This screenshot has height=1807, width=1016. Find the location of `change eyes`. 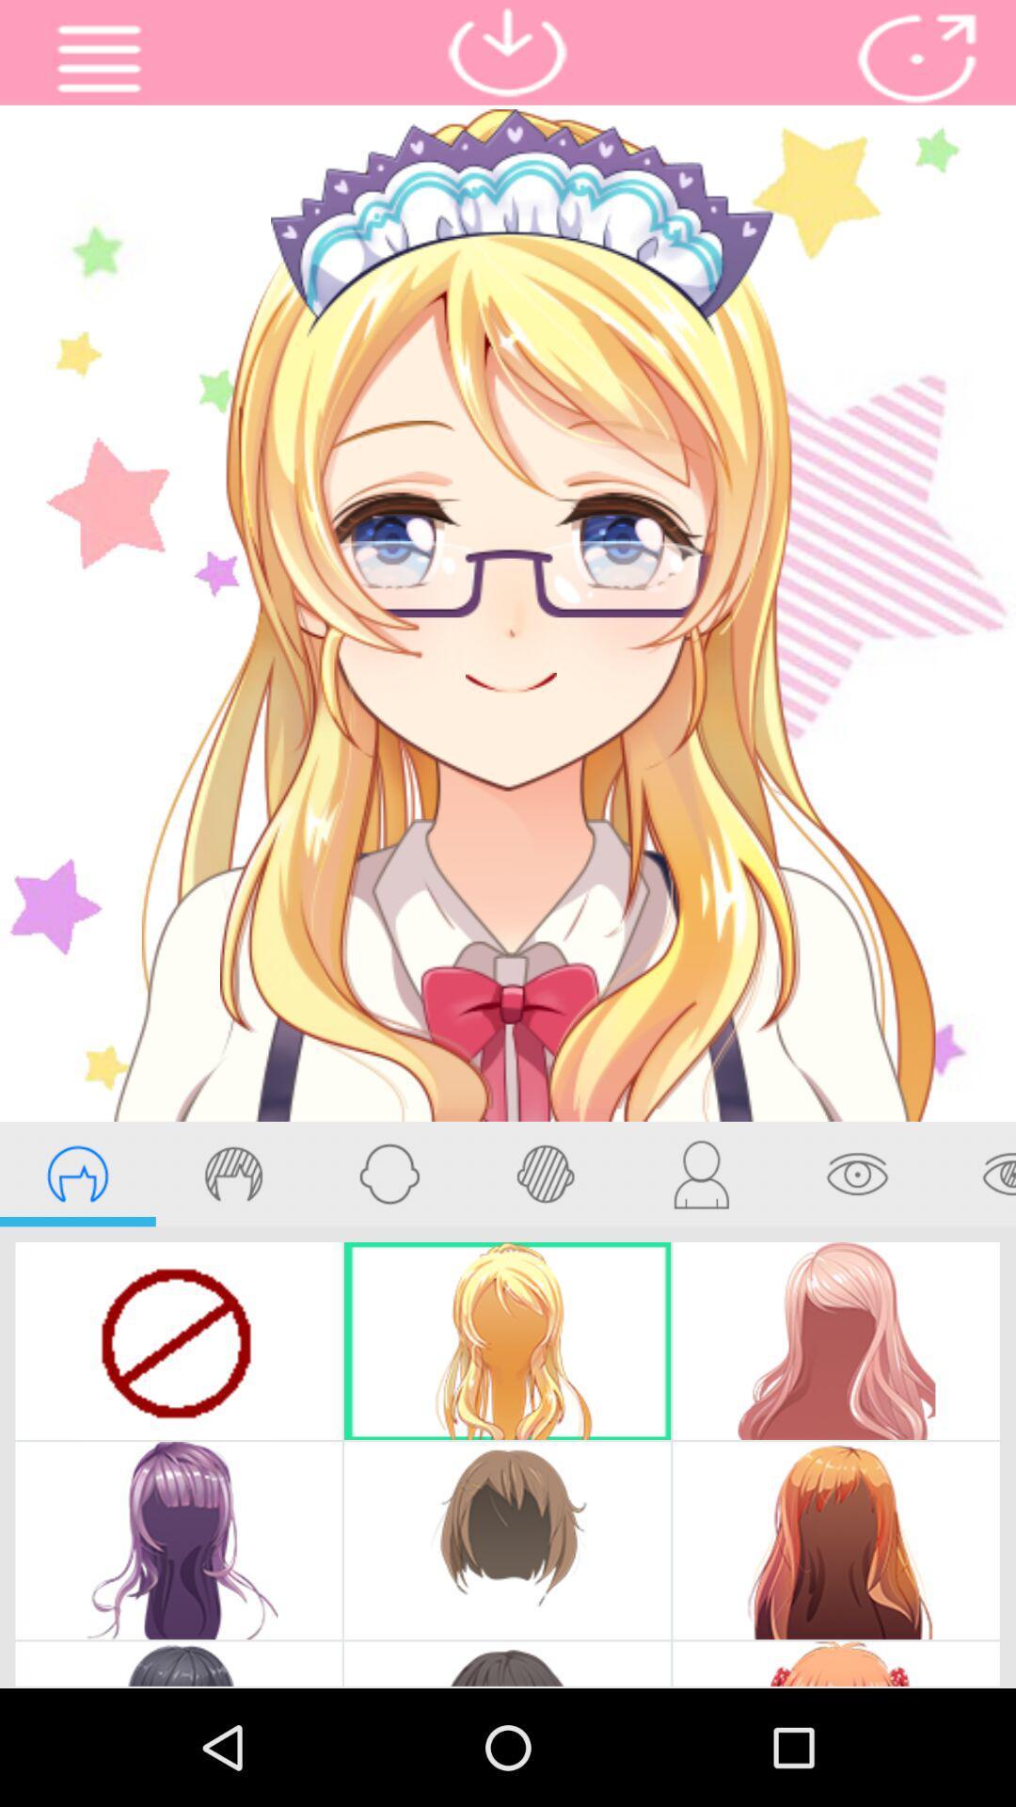

change eyes is located at coordinates (975, 1173).